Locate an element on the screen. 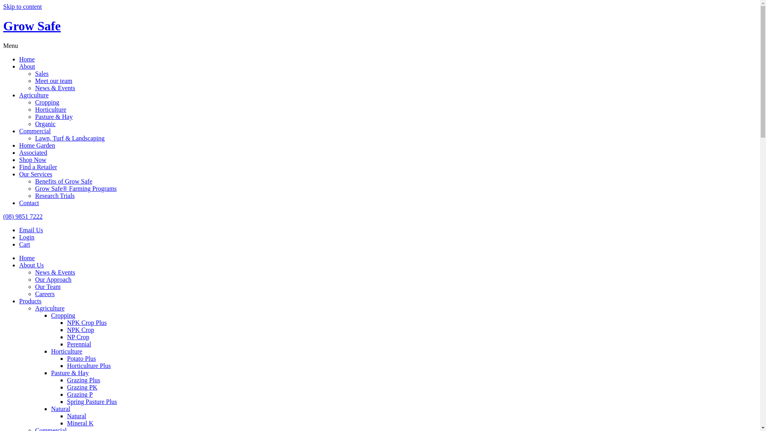 The height and width of the screenshot is (431, 766). 'Commercial' is located at coordinates (34, 130).